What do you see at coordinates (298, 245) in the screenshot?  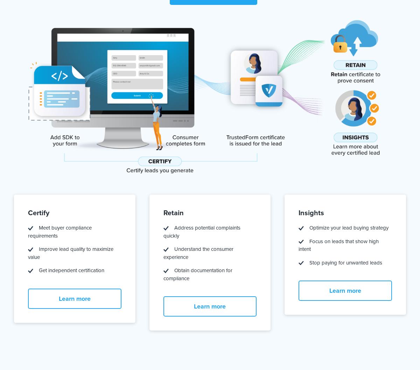 I see `'Focus on leads that show high intent'` at bounding box center [298, 245].